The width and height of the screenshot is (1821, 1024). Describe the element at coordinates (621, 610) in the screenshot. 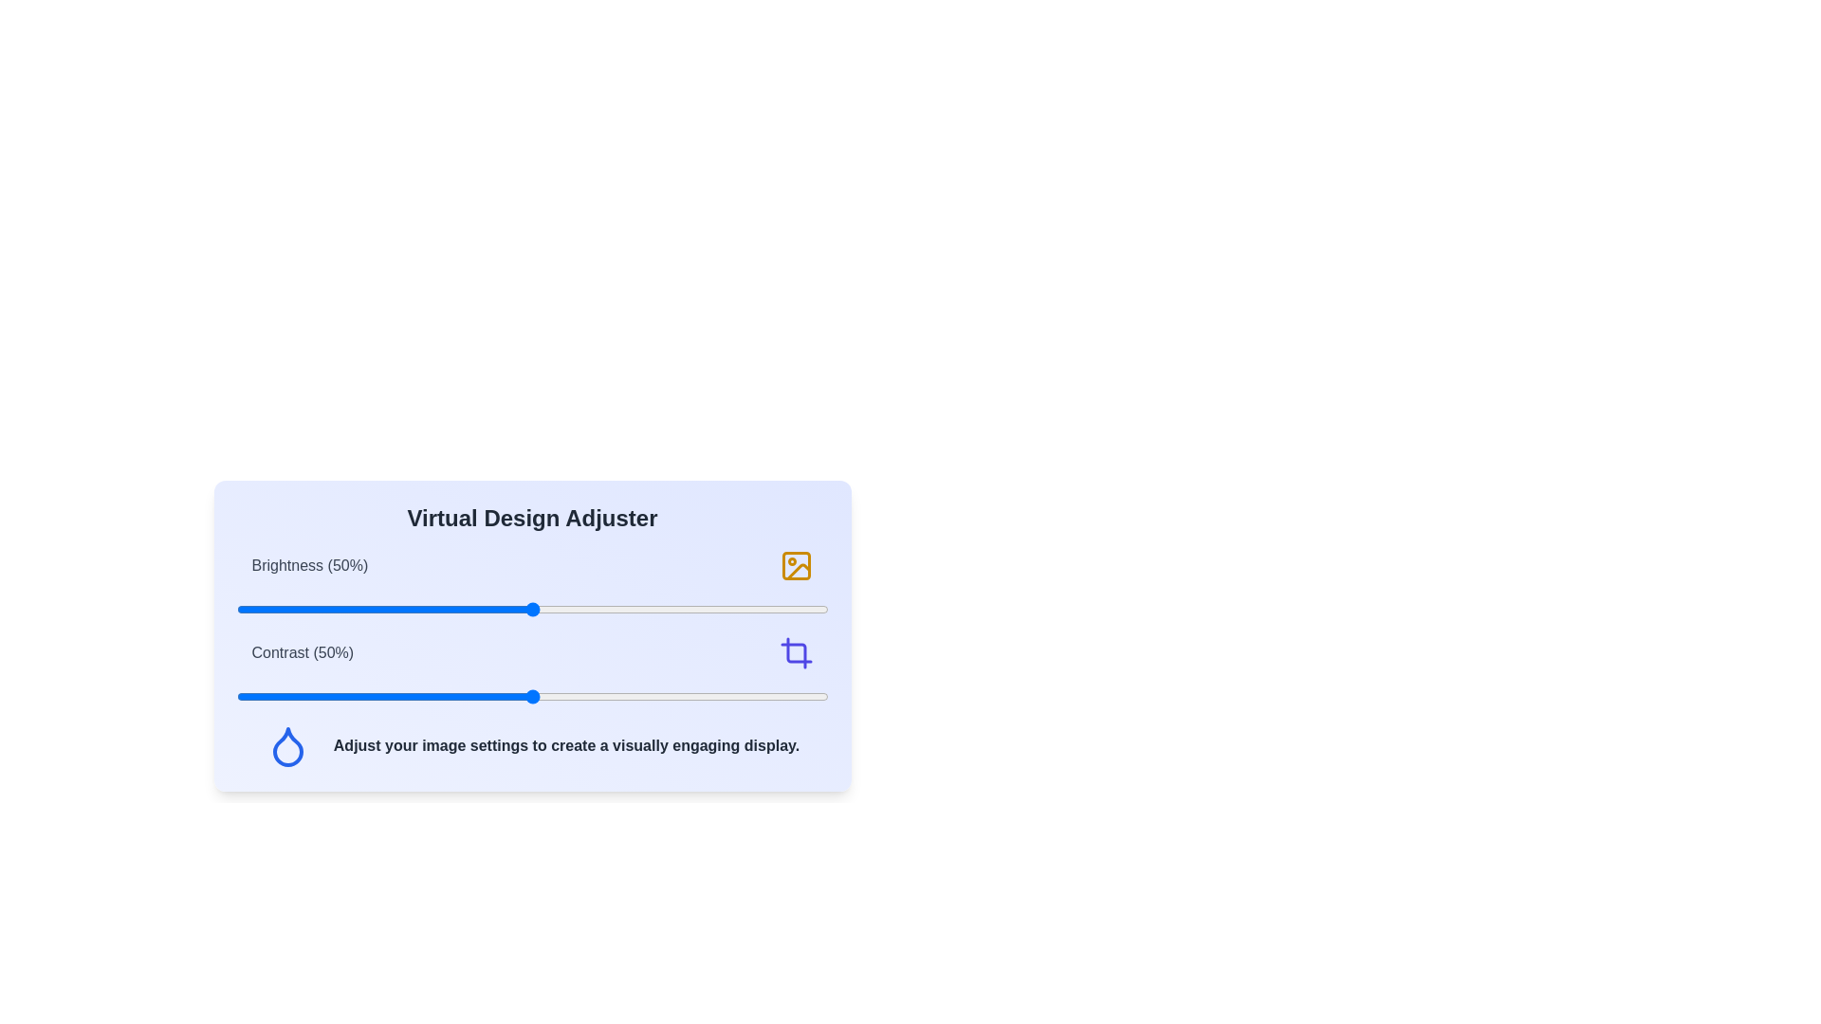

I see `the brightness slider to 65%` at that location.